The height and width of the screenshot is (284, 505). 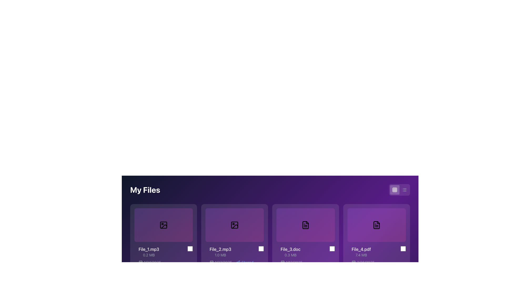 I want to click on the first Thumbnail component under 'My Files', so click(x=163, y=225).